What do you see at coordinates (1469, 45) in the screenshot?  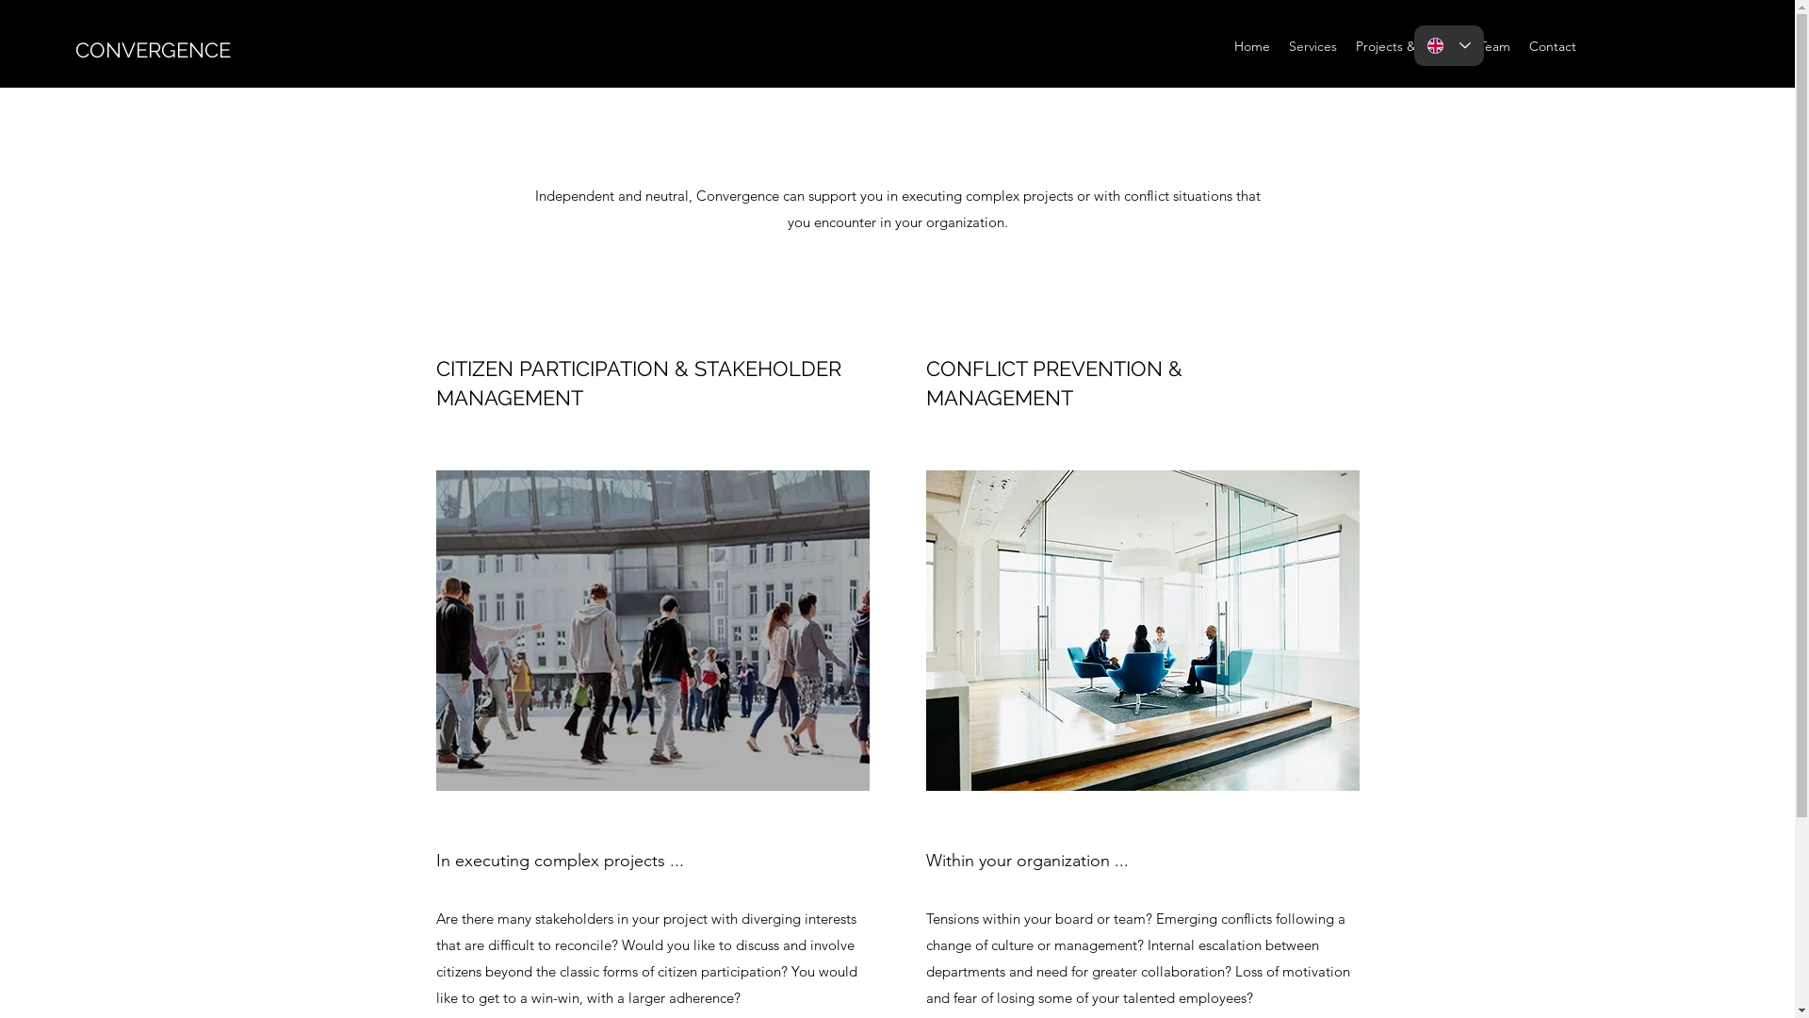 I see `'Team'` at bounding box center [1469, 45].